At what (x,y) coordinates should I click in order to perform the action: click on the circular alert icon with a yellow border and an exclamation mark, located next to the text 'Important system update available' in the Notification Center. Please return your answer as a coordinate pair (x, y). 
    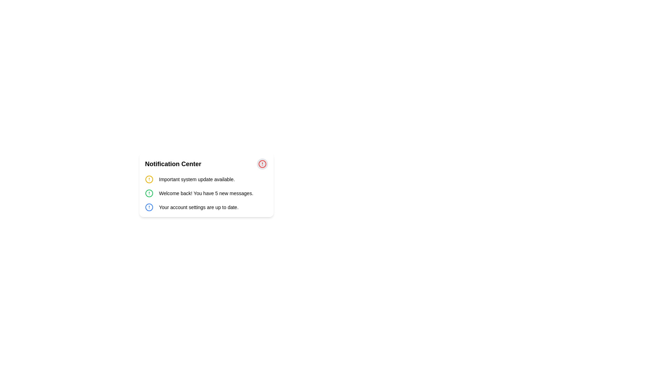
    Looking at the image, I should click on (149, 179).